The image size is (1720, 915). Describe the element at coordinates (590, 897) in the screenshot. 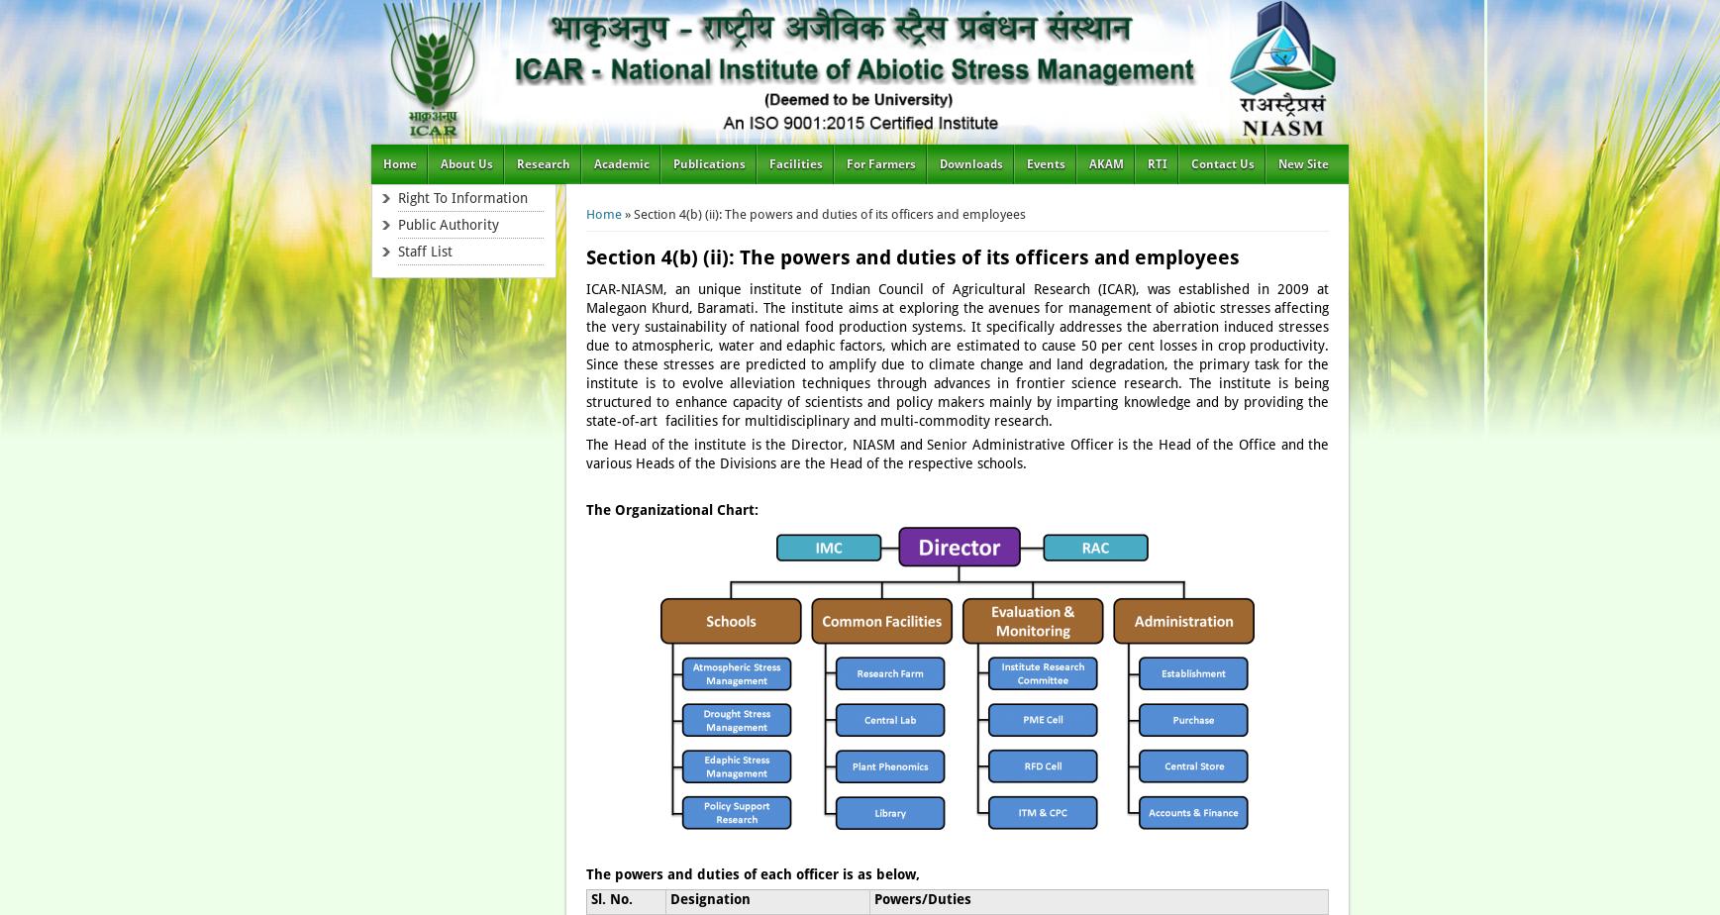

I see `'Sl. No.'` at that location.